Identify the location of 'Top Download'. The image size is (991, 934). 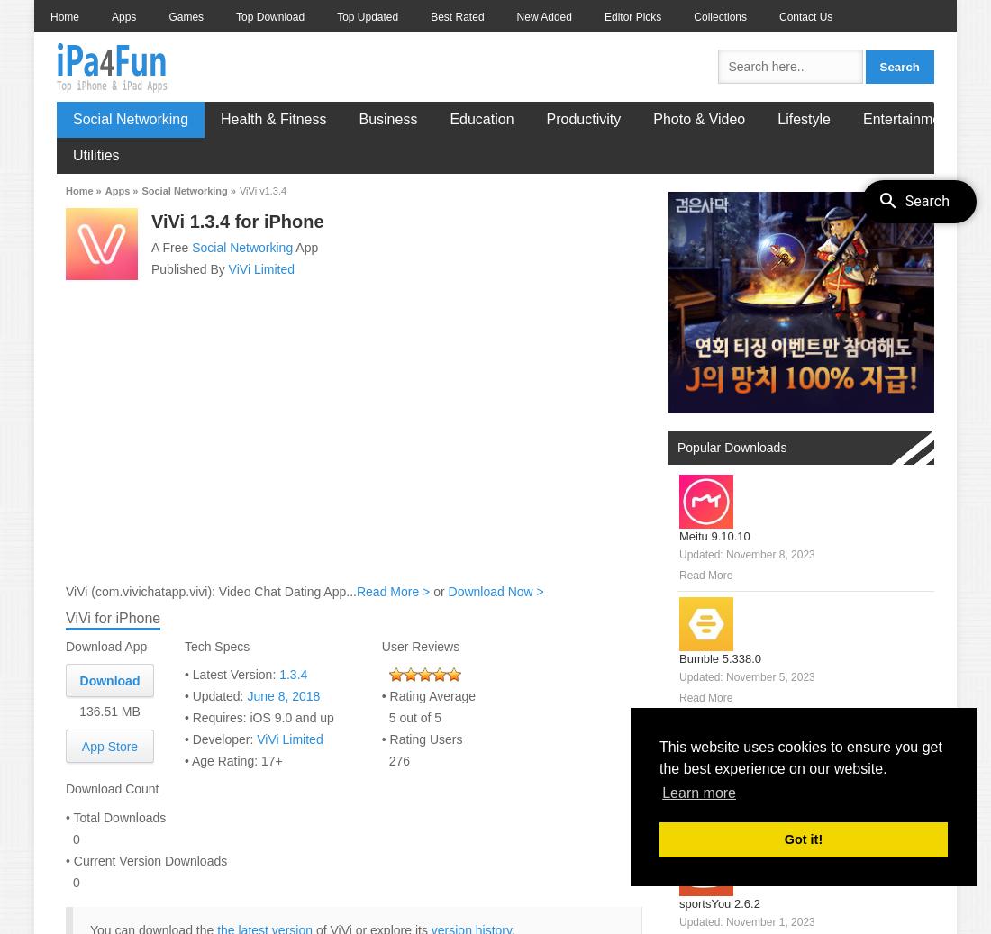
(268, 15).